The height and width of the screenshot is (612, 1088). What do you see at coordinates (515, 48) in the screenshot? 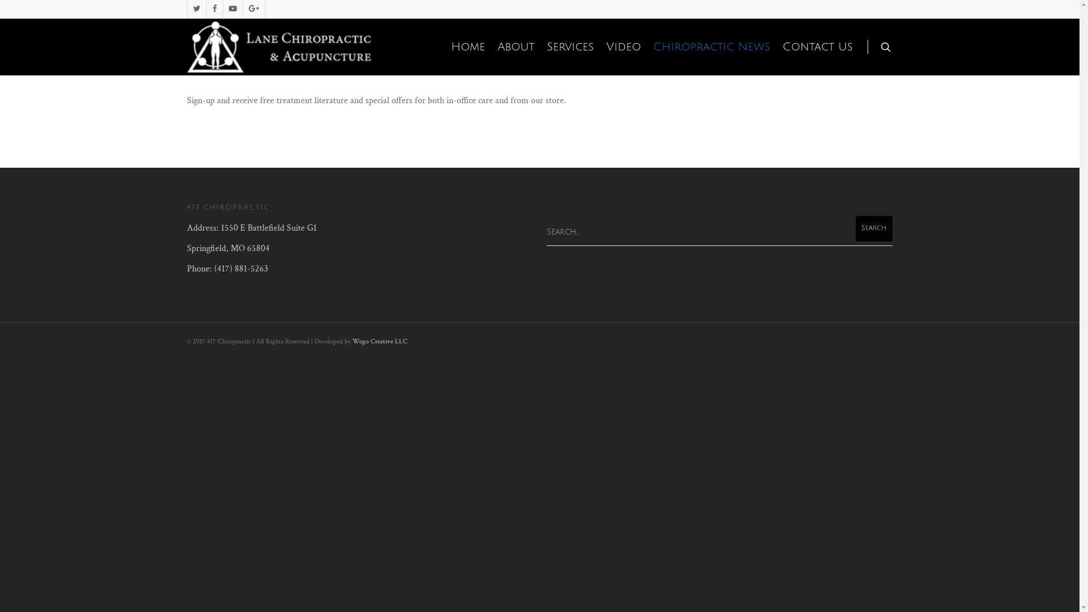
I see `'About'` at bounding box center [515, 48].